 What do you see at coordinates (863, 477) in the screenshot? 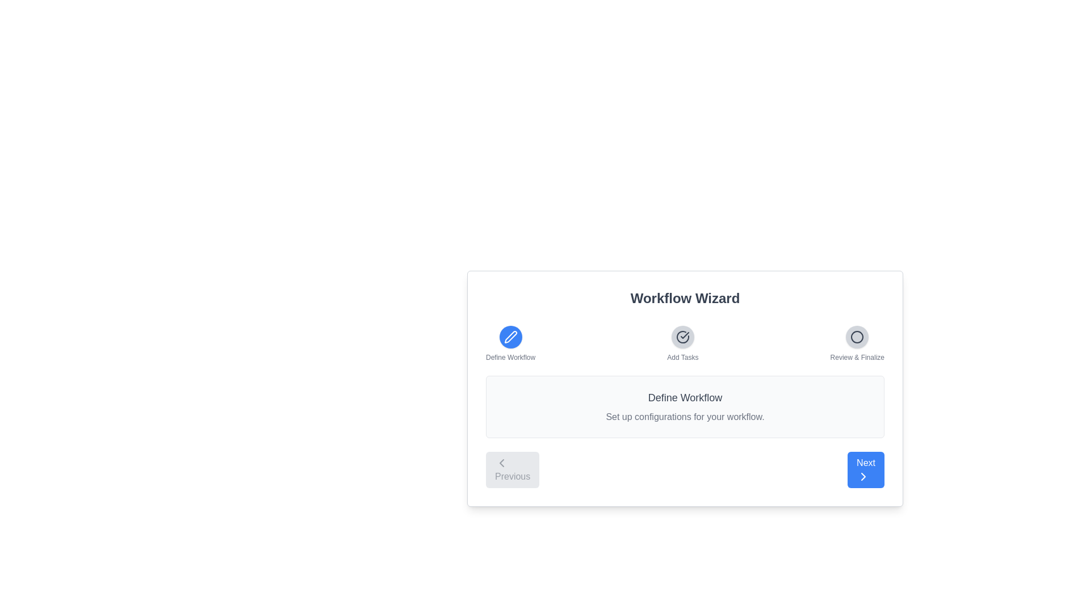
I see `the chevron arrow icon within the blue 'Next' button located at the bottom right corner of the workflow wizard dialog box` at bounding box center [863, 477].